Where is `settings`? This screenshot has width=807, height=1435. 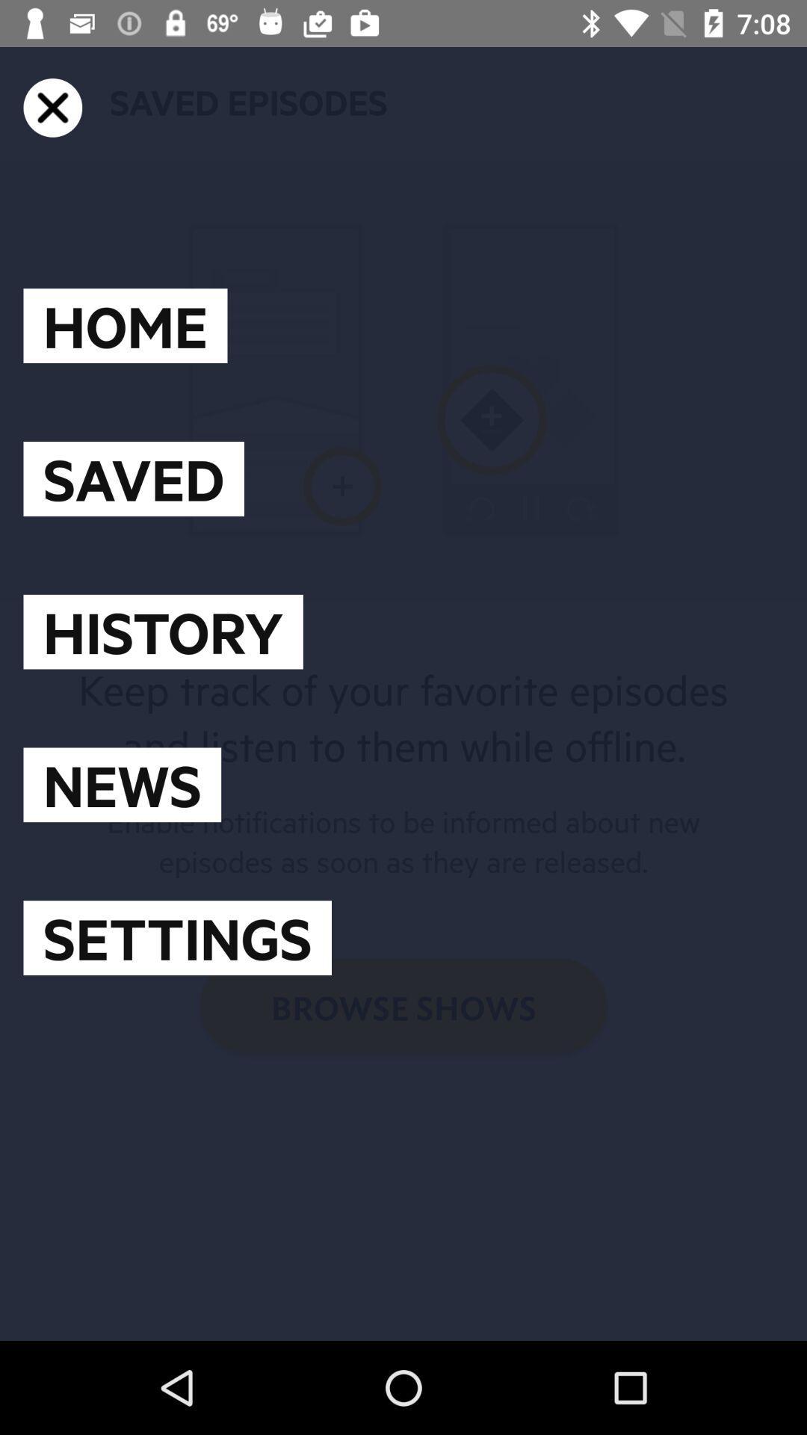 settings is located at coordinates (176, 937).